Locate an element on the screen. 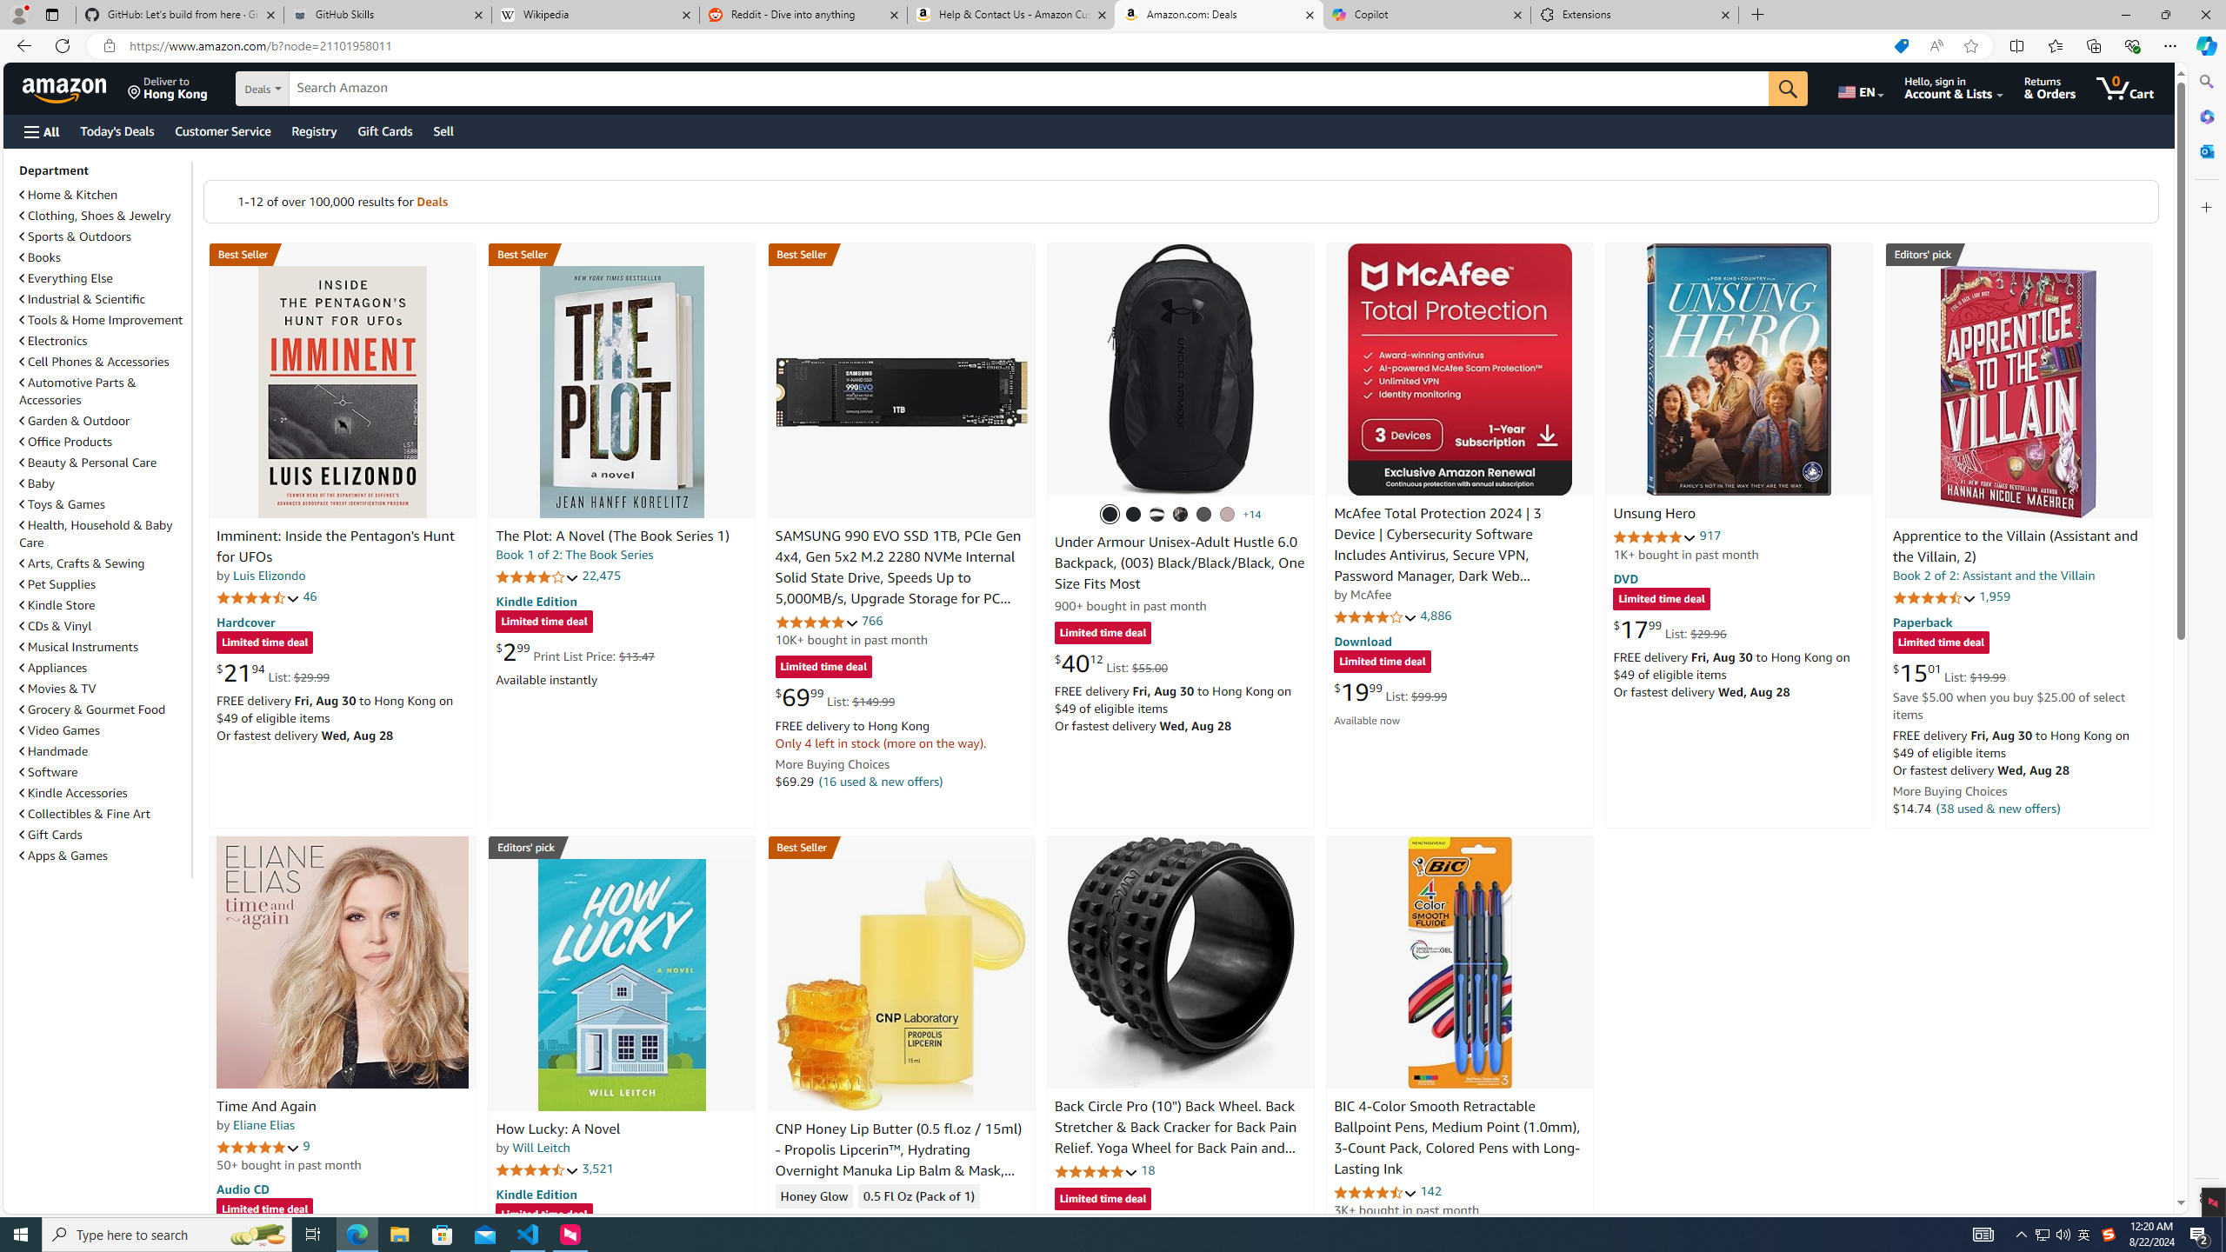 The width and height of the screenshot is (2226, 1252). 'Baby' is located at coordinates (103, 483).